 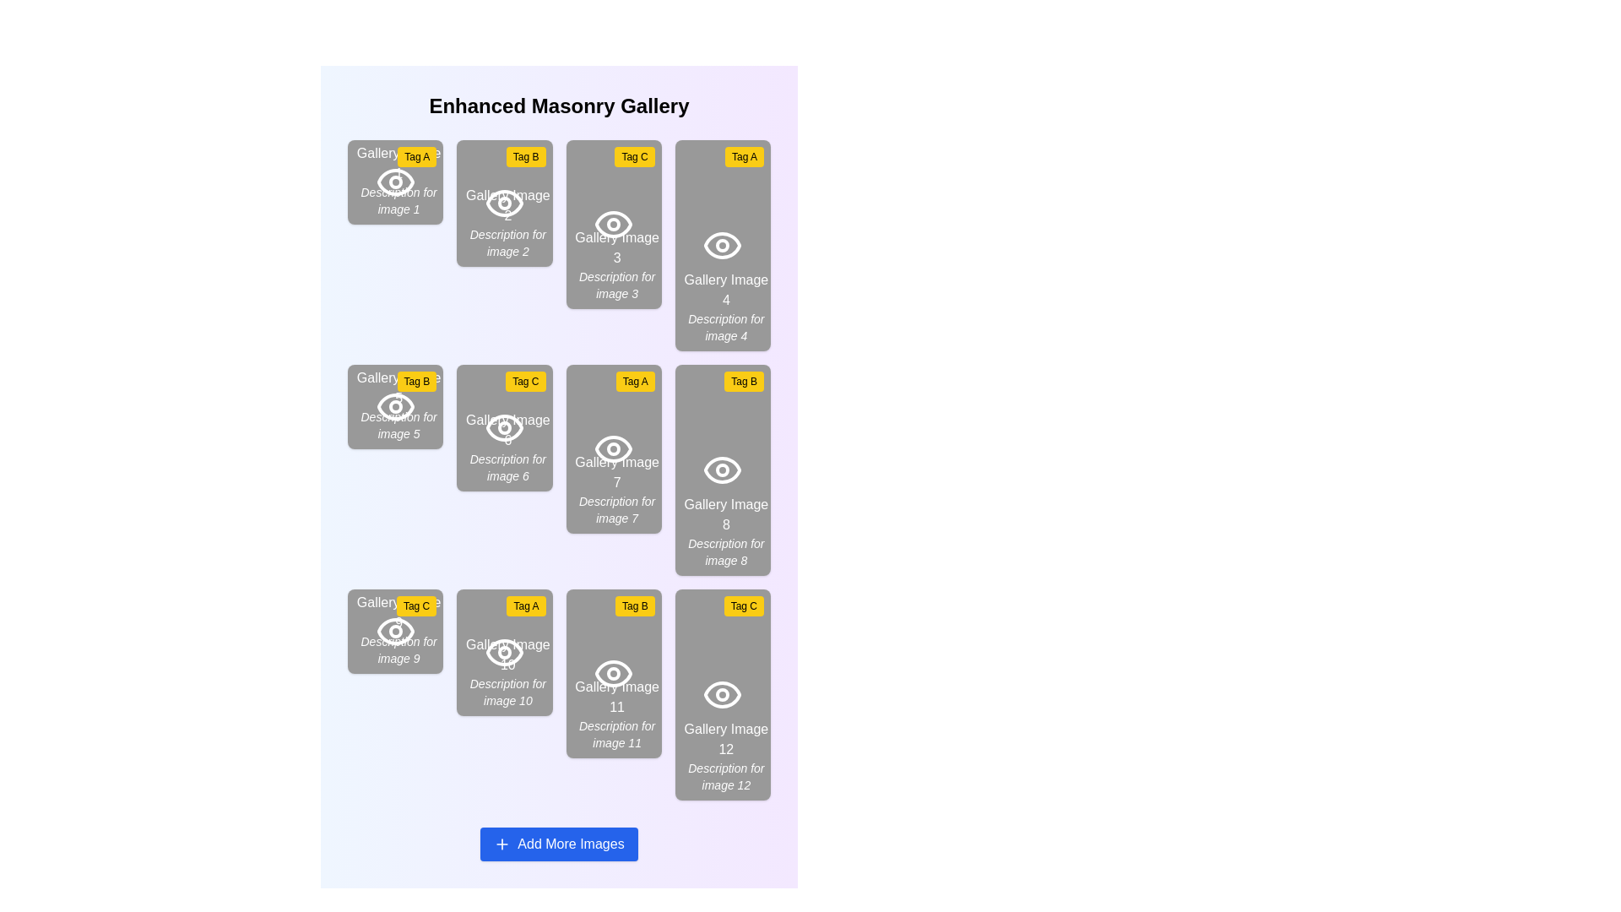 What do you see at coordinates (503, 651) in the screenshot?
I see `the Image tile located in the bottom-left section of the gallery grid, specifically the second element in the fourth row` at bounding box center [503, 651].